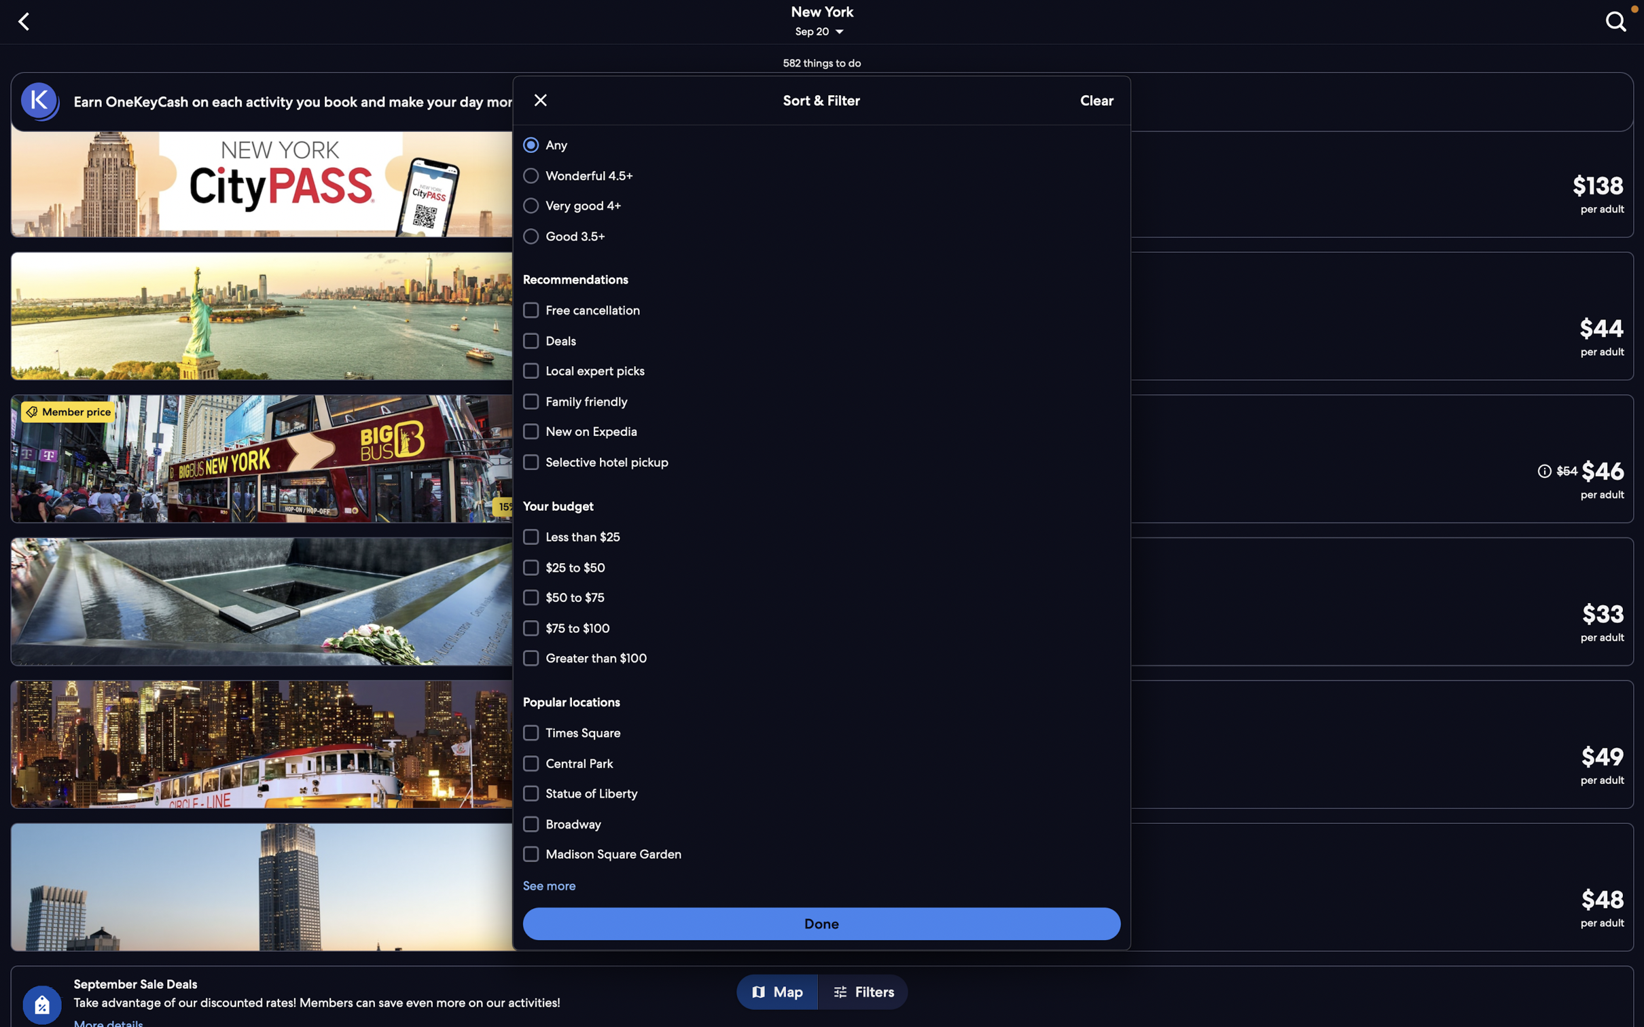 The width and height of the screenshot is (1644, 1027). I want to click on "very good" and "family friendly" options, so click(819, 206).